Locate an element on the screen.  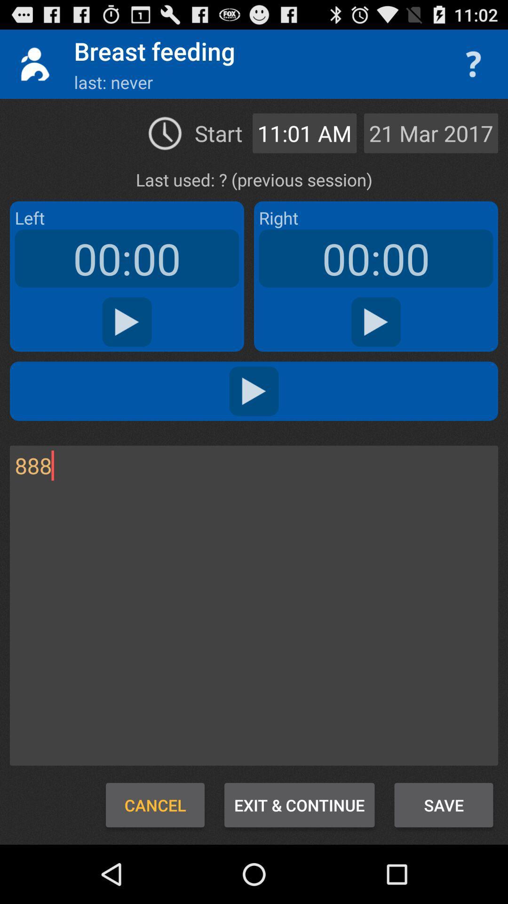
play is located at coordinates (254, 391).